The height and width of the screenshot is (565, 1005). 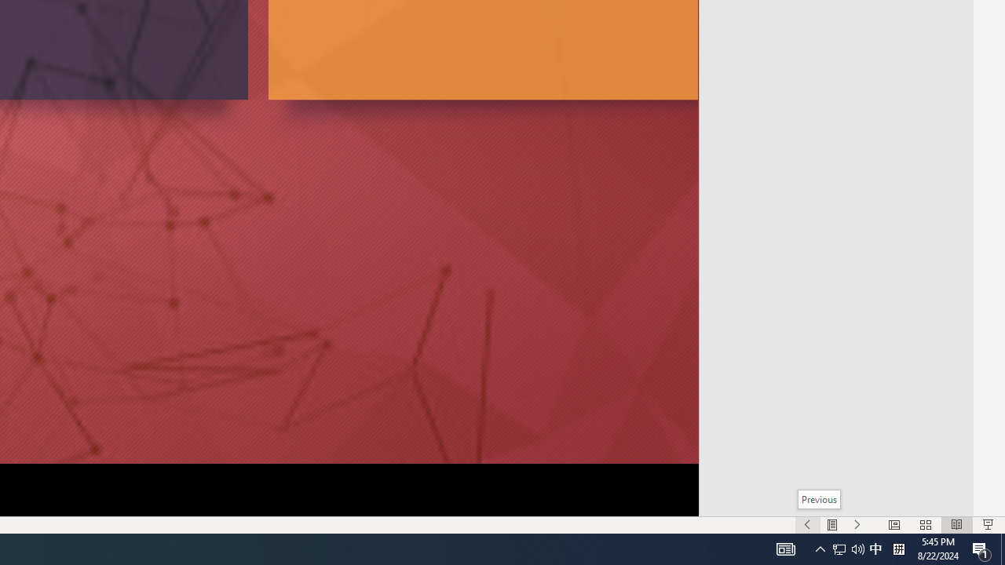 I want to click on 'Slide Sorter', so click(x=925, y=525).